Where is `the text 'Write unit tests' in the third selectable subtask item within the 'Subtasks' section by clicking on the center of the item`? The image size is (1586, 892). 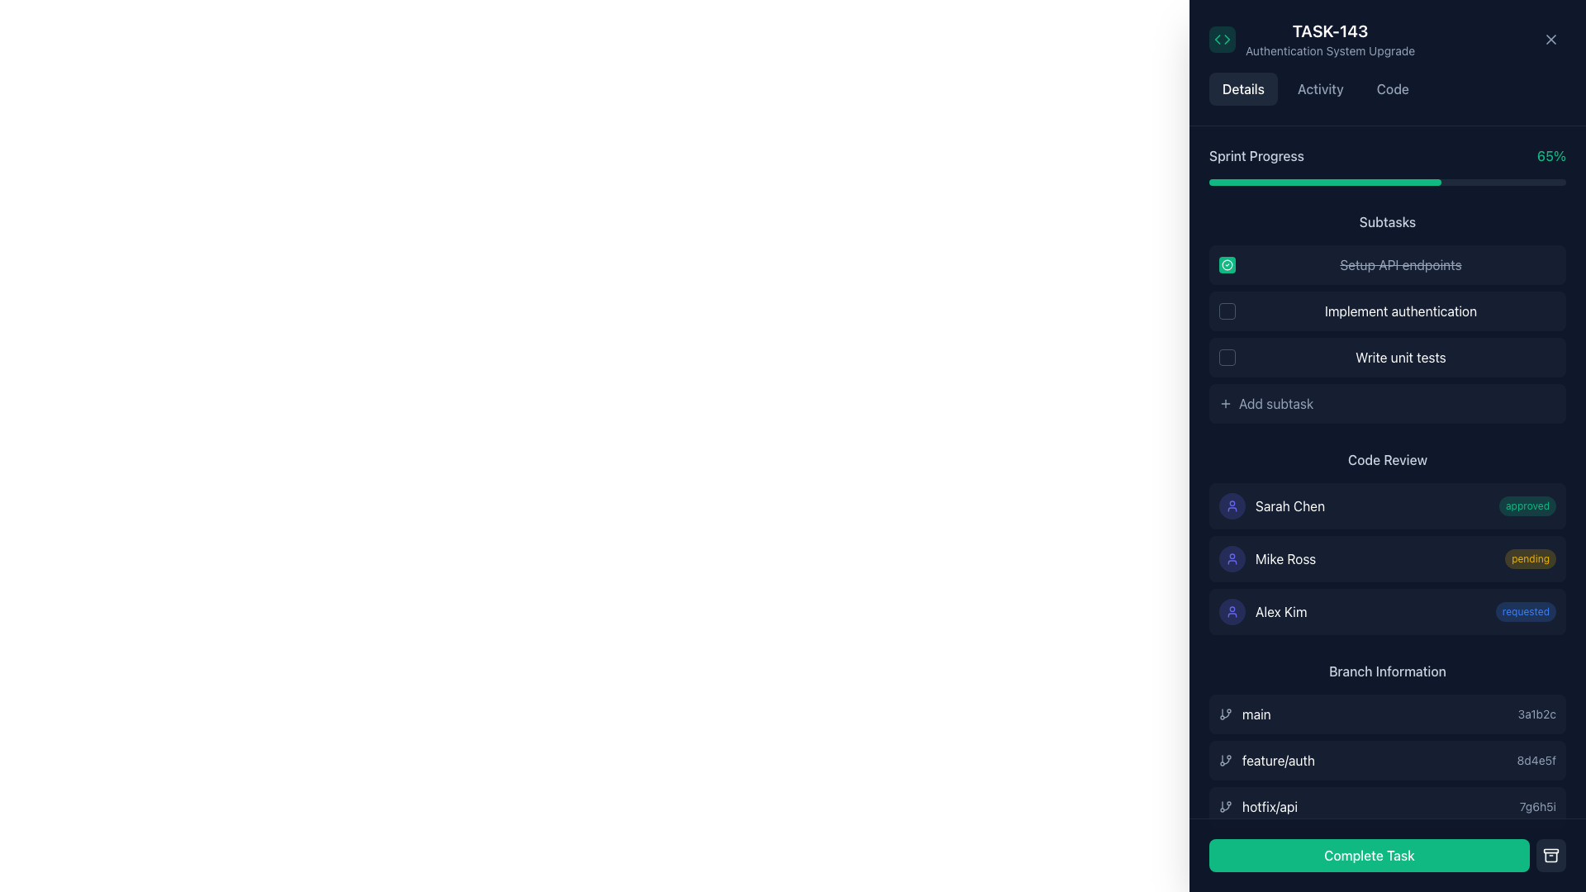
the text 'Write unit tests' in the third selectable subtask item within the 'Subtasks' section by clicking on the center of the item is located at coordinates (1388, 356).